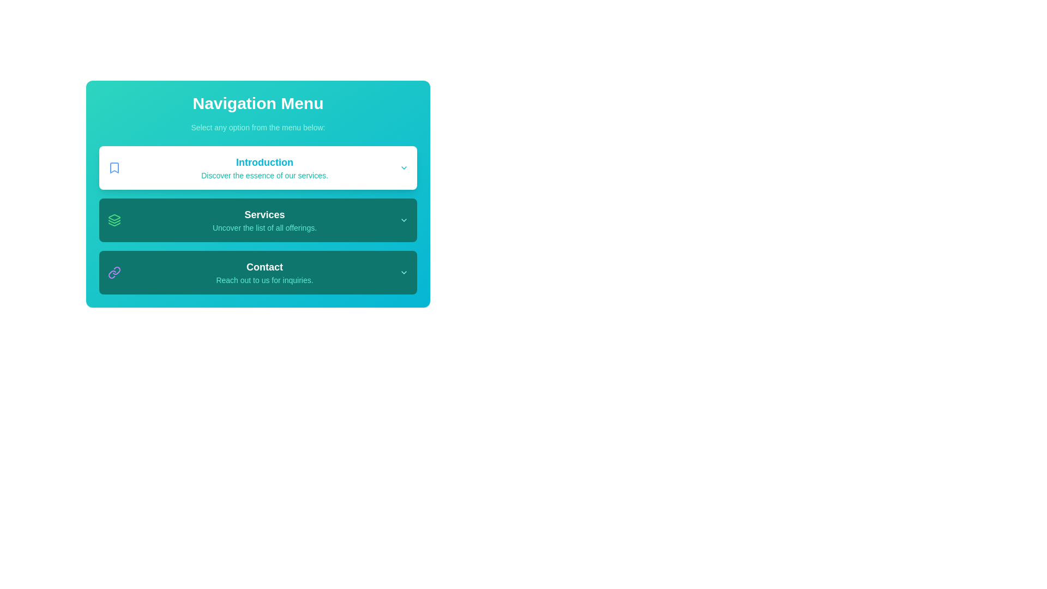 This screenshot has width=1047, height=589. What do you see at coordinates (403, 168) in the screenshot?
I see `the downward-pointing cyan chevron icon located on the right side of the 'Introduction' block` at bounding box center [403, 168].